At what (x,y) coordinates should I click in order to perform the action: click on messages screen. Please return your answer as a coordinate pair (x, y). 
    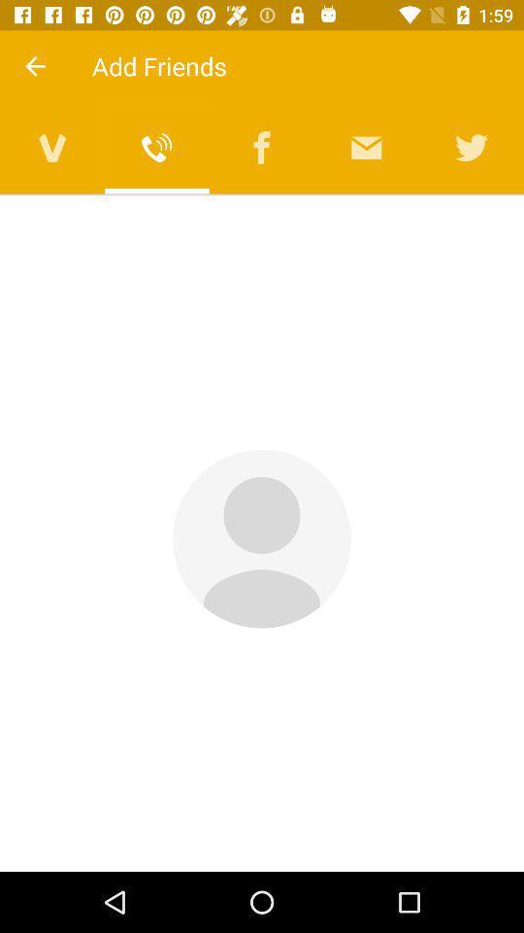
    Looking at the image, I should click on (367, 147).